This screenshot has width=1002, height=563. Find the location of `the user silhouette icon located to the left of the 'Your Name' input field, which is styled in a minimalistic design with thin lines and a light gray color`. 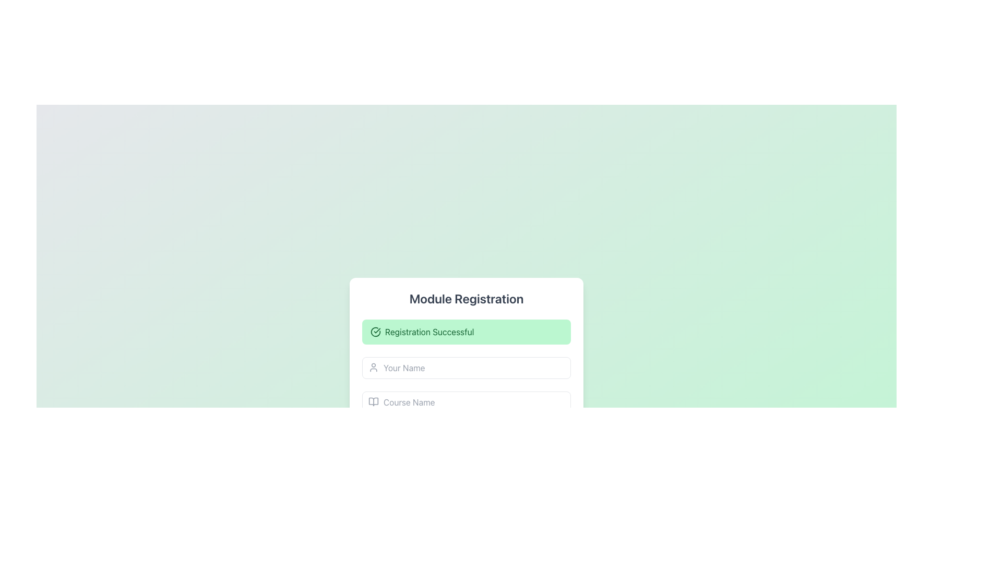

the user silhouette icon located to the left of the 'Your Name' input field, which is styled in a minimalistic design with thin lines and a light gray color is located at coordinates (373, 367).